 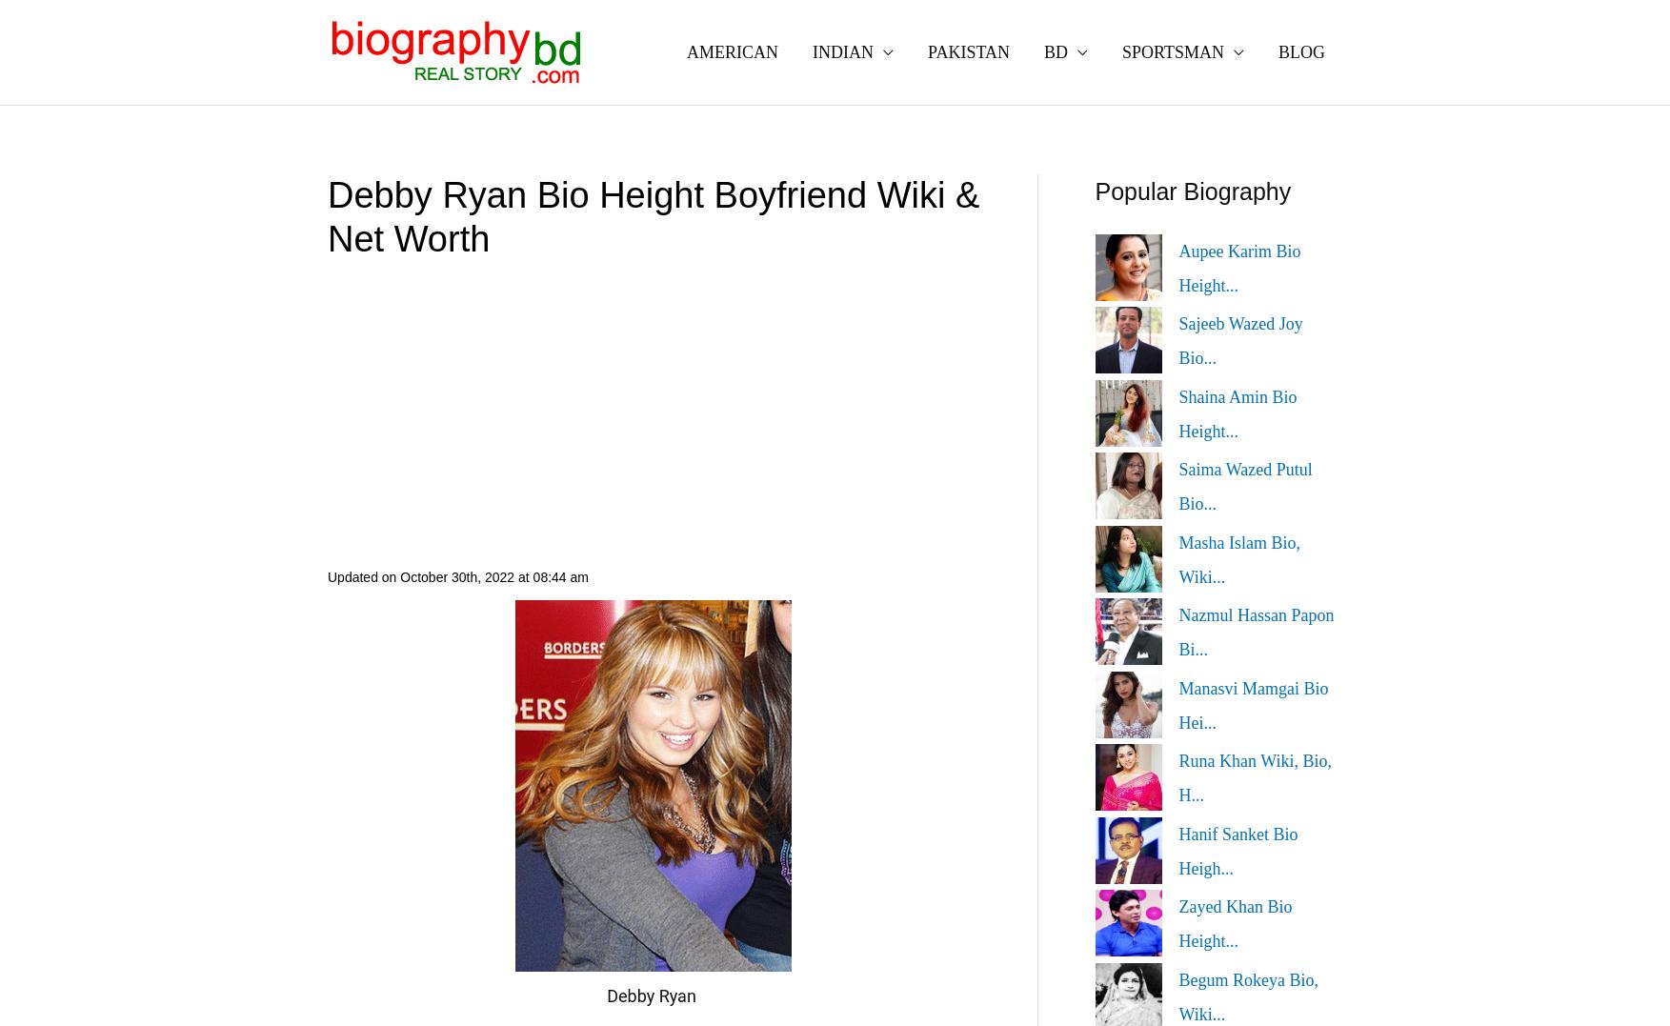 I want to click on 'BLOG', so click(x=1300, y=52).